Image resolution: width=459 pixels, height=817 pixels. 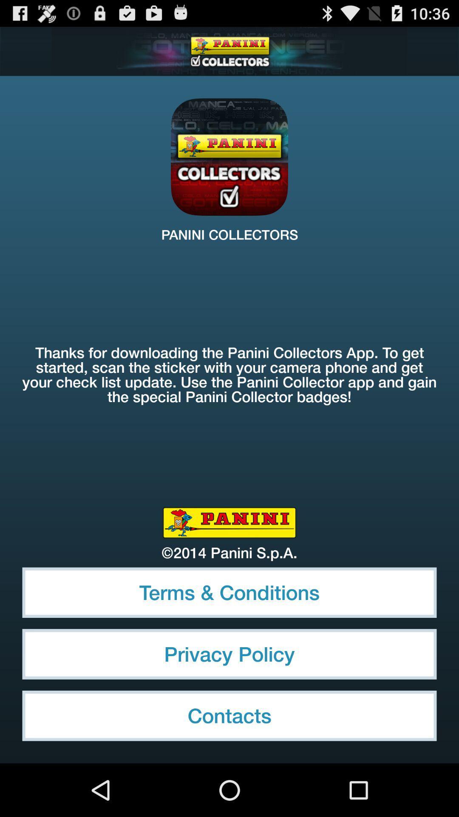 What do you see at coordinates (229, 654) in the screenshot?
I see `the icon above contacts` at bounding box center [229, 654].